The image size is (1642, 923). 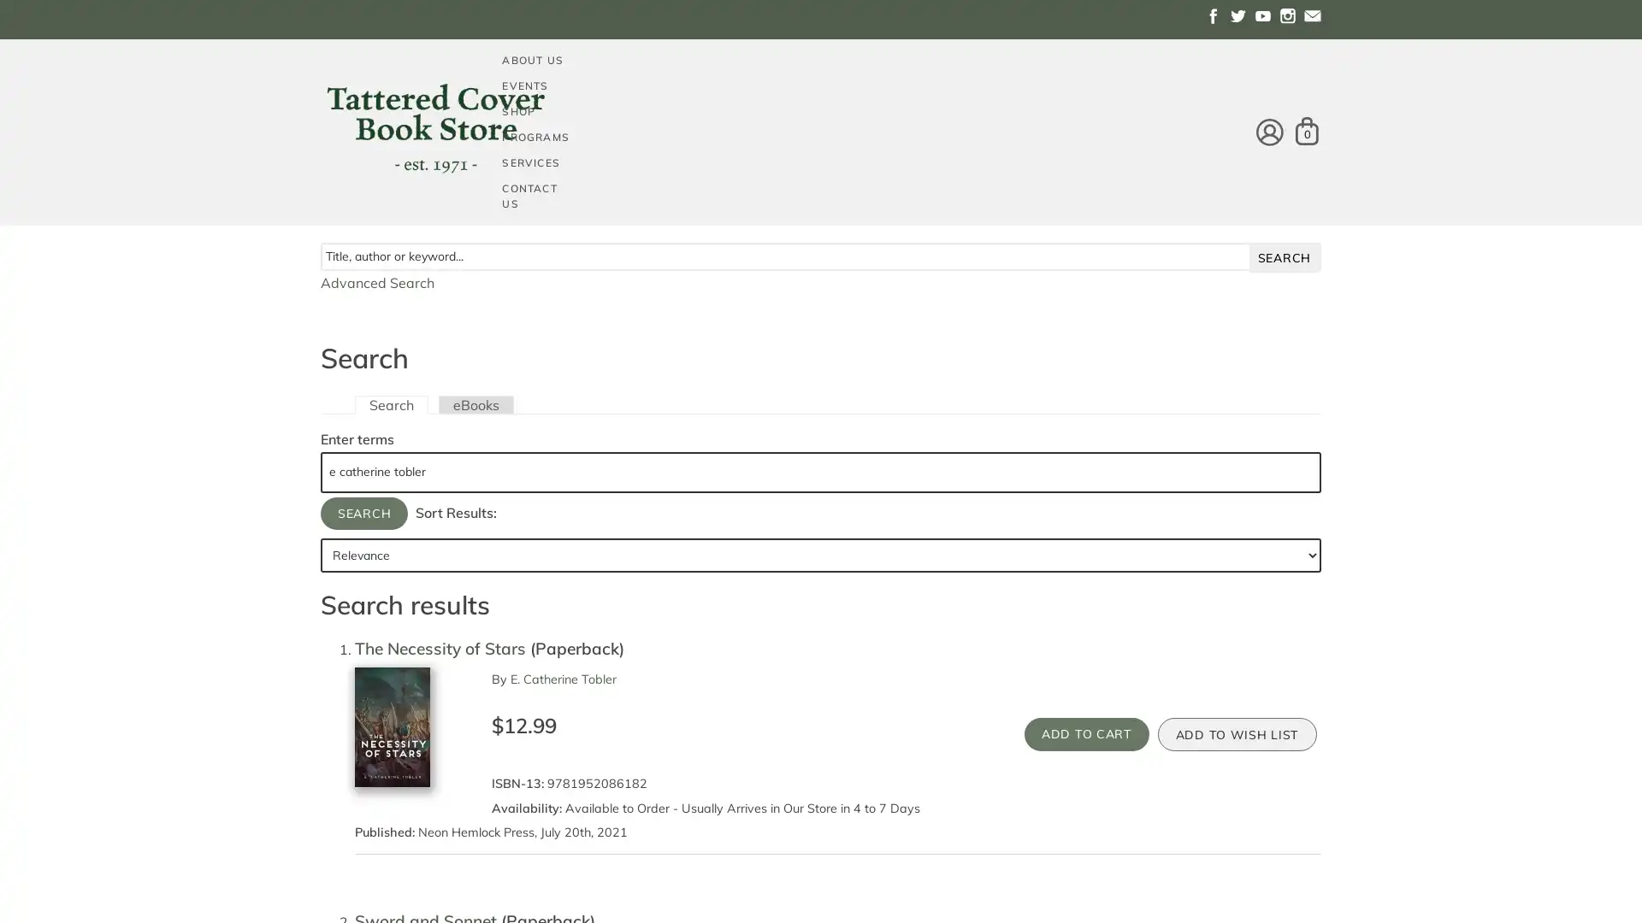 I want to click on Add to Cart, so click(x=1085, y=733).